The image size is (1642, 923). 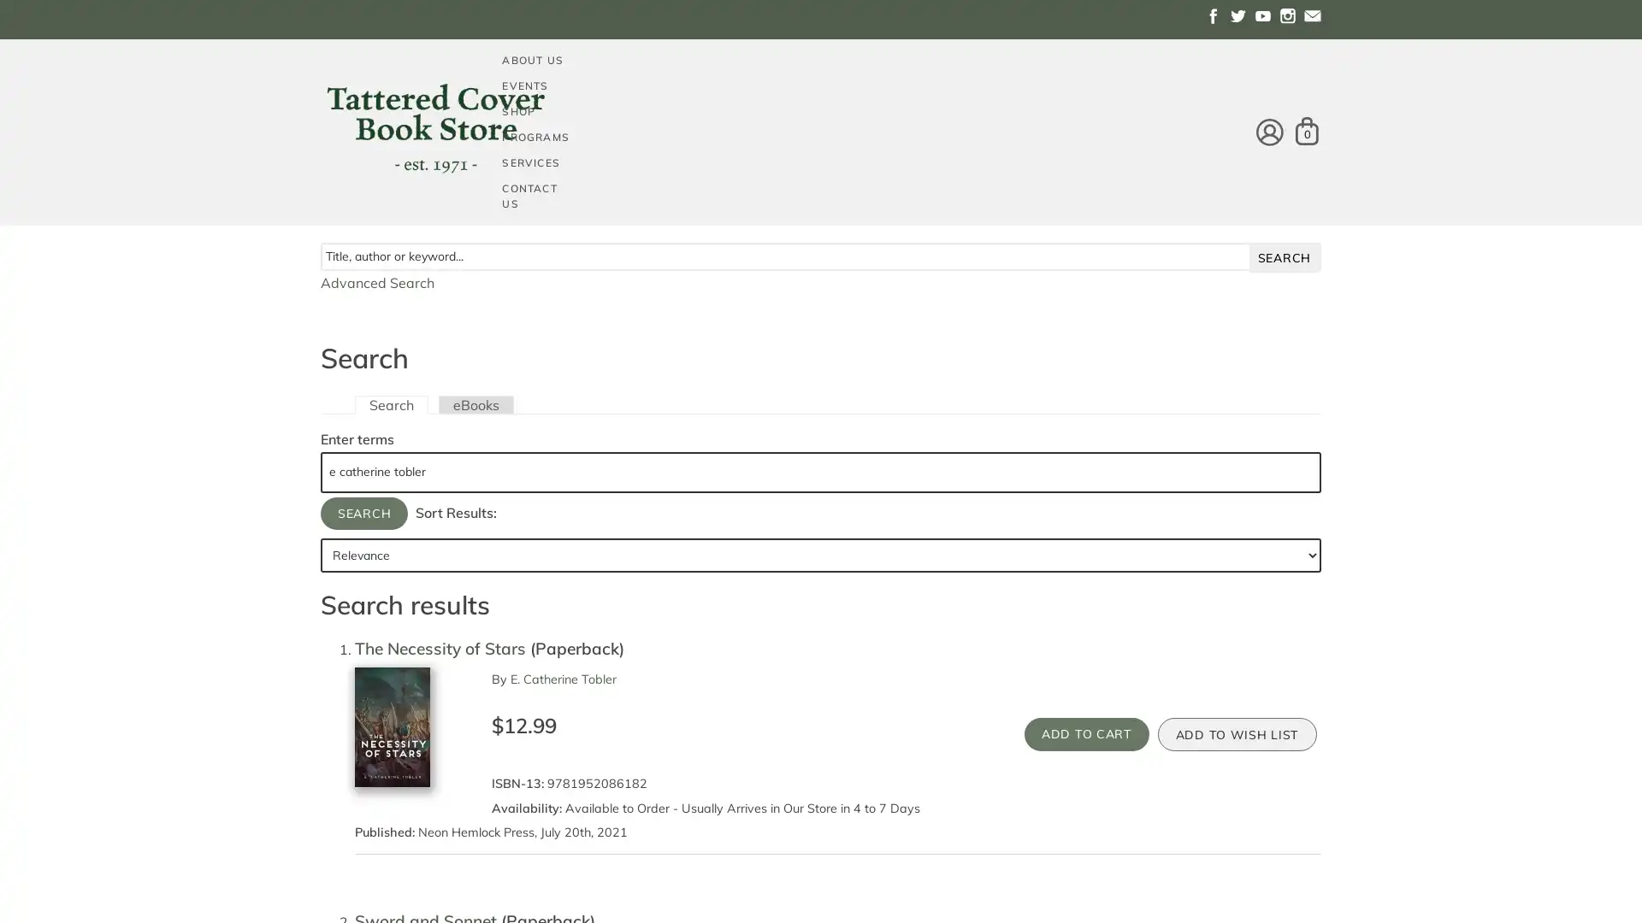 I want to click on Add to Cart, so click(x=1085, y=733).